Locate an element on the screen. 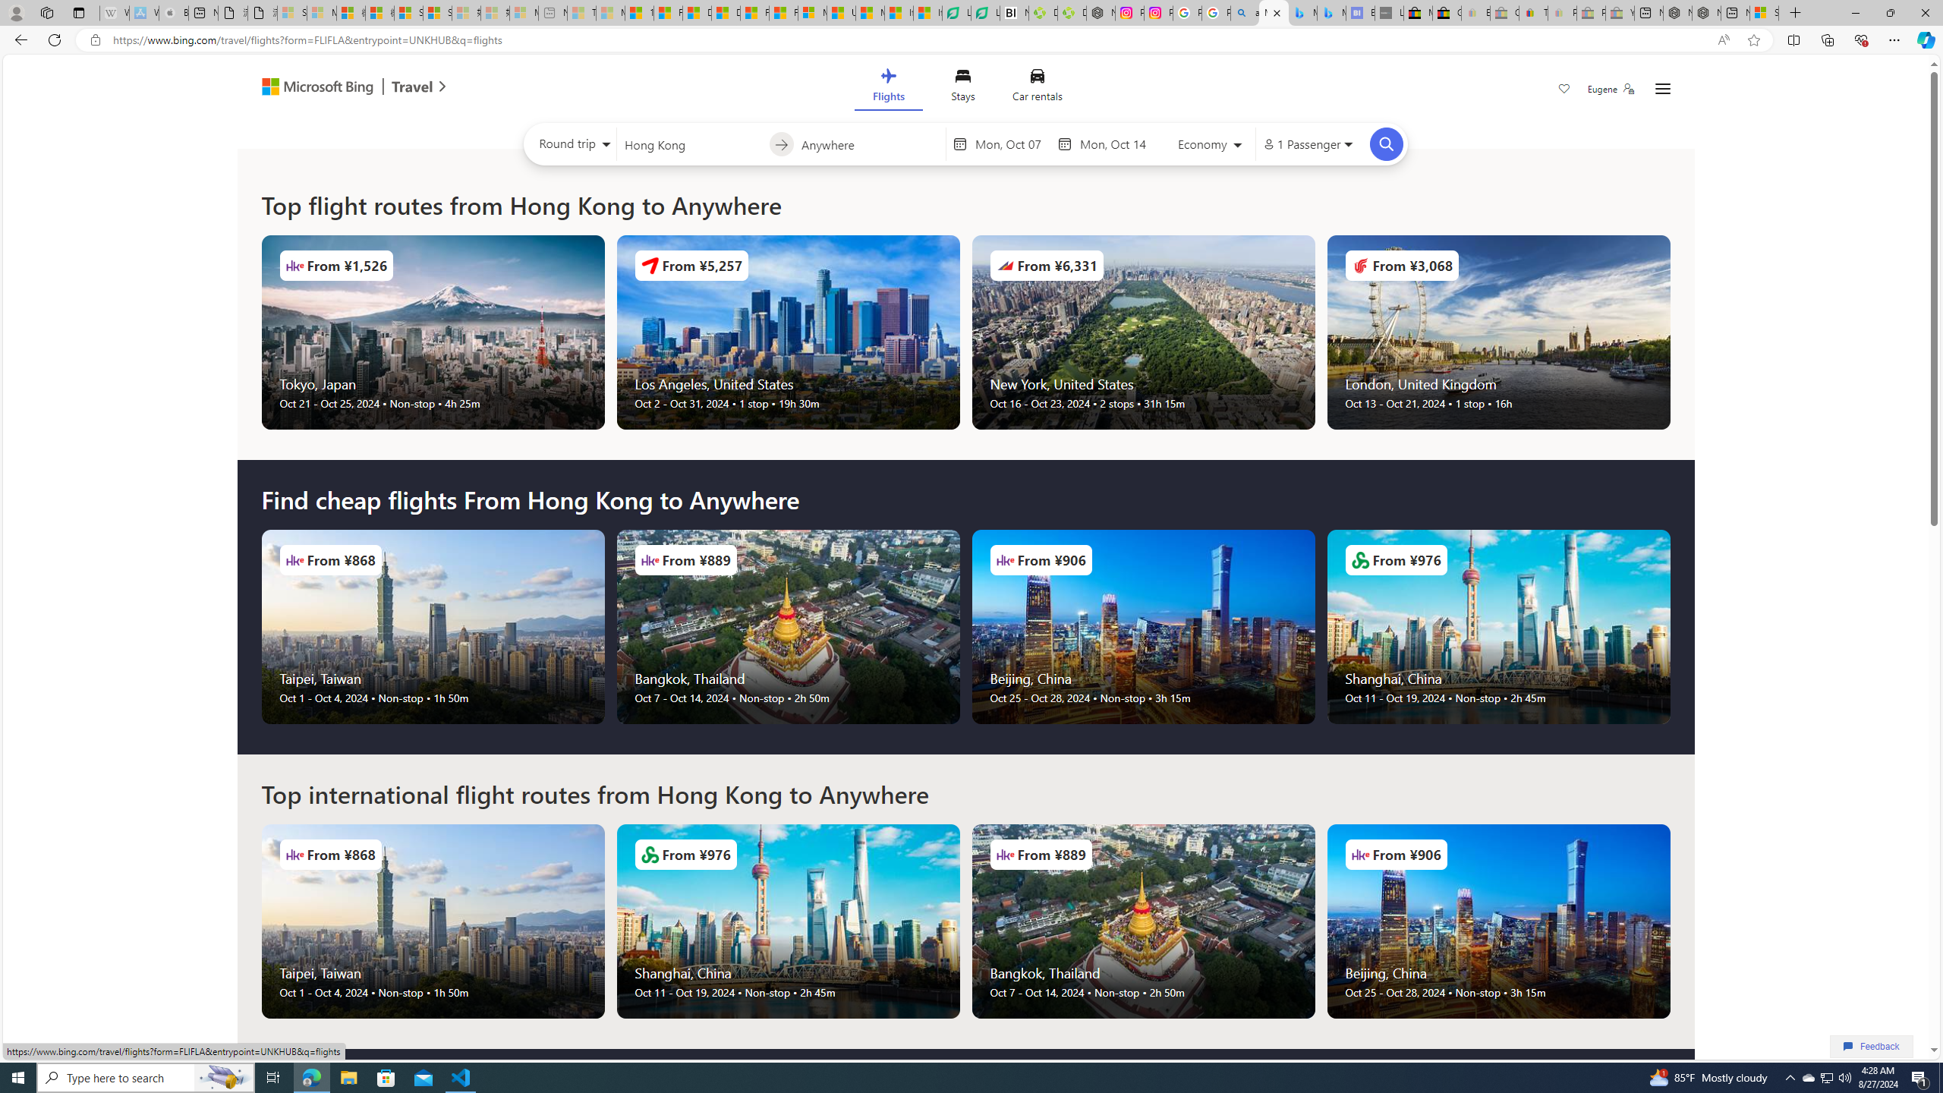  'Microsoft Bing Travel' is located at coordinates (337, 87).